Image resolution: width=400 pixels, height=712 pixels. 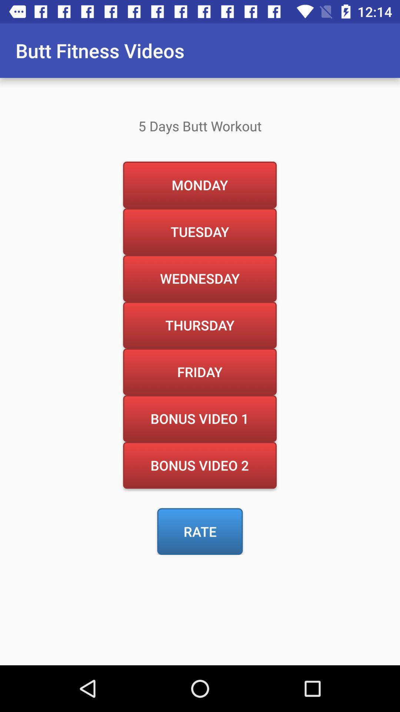 I want to click on item below the bonus video 2 icon, so click(x=200, y=531).